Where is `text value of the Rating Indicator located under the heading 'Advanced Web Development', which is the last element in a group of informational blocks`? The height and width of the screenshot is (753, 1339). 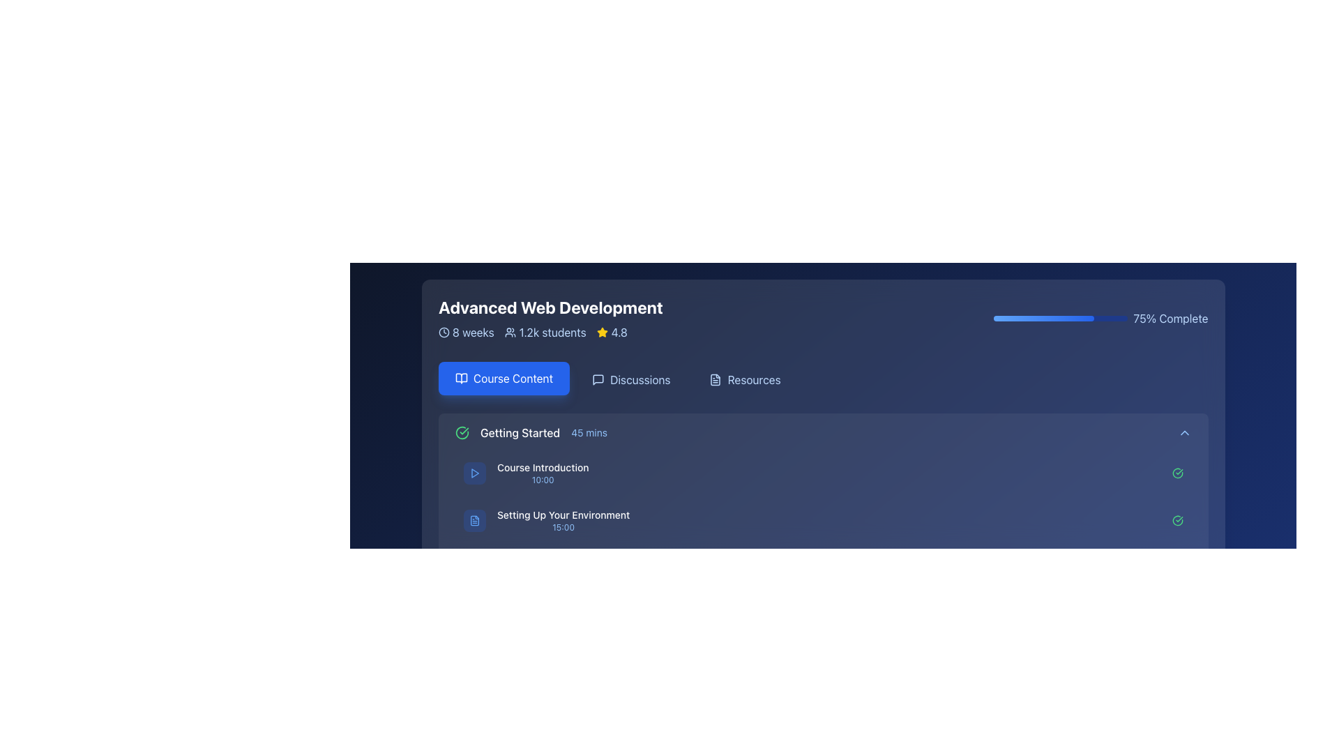
text value of the Rating Indicator located under the heading 'Advanced Web Development', which is the last element in a group of informational blocks is located at coordinates (612, 333).